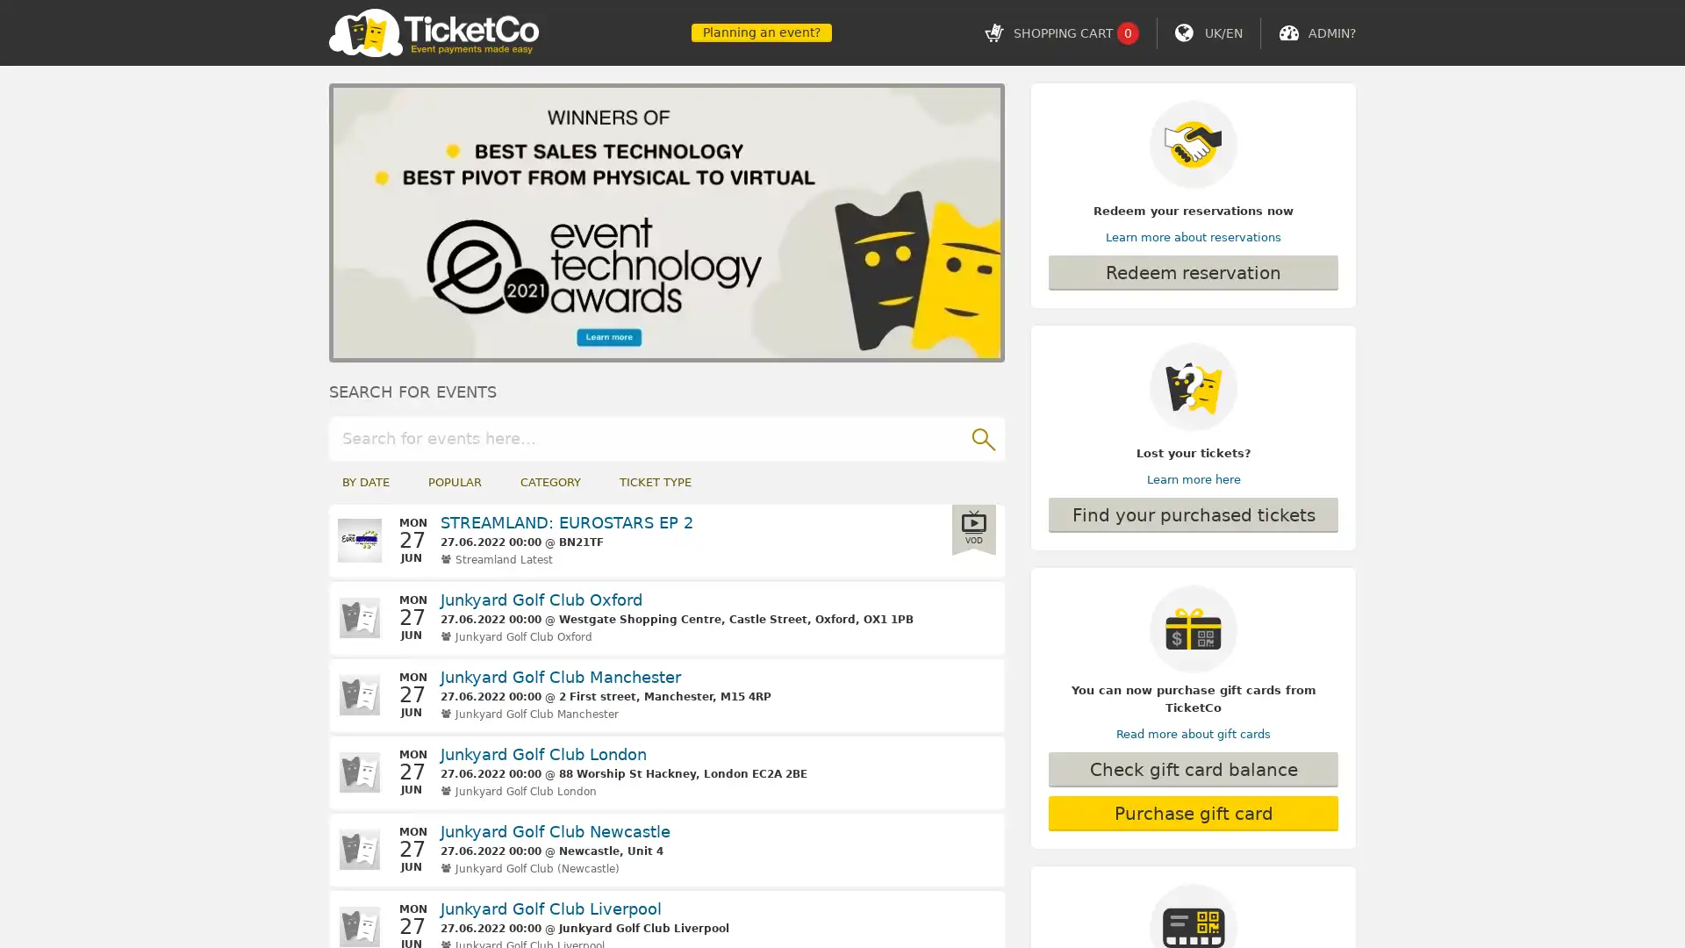 This screenshot has height=948, width=1685. What do you see at coordinates (1193, 513) in the screenshot?
I see `Find your purchased tickets` at bounding box center [1193, 513].